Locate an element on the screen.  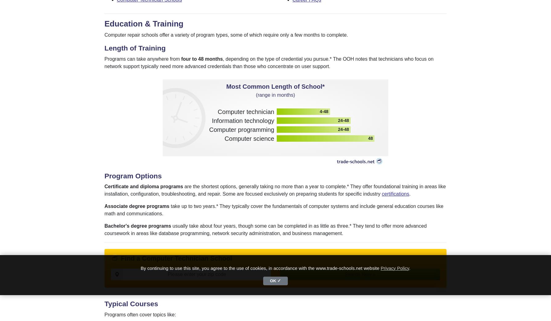
'Computer science' is located at coordinates (249, 138).